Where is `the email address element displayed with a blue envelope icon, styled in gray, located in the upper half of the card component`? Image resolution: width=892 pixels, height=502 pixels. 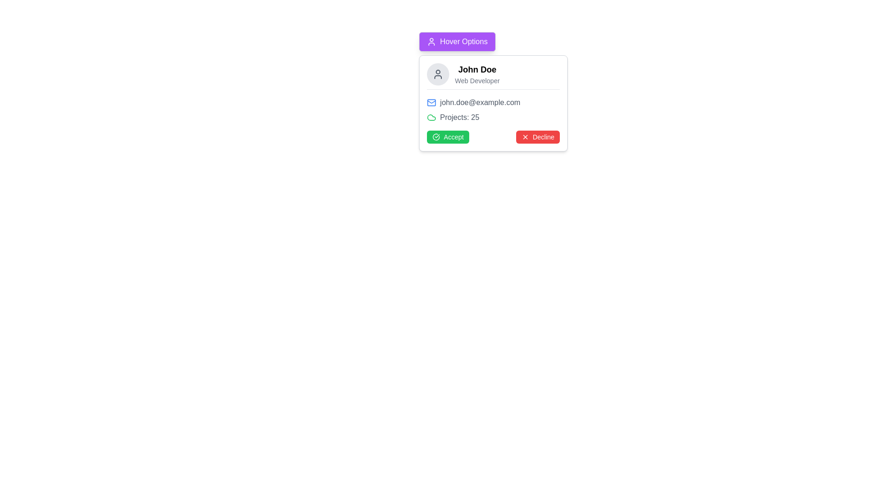 the email address element displayed with a blue envelope icon, styled in gray, located in the upper half of the card component is located at coordinates (493, 102).